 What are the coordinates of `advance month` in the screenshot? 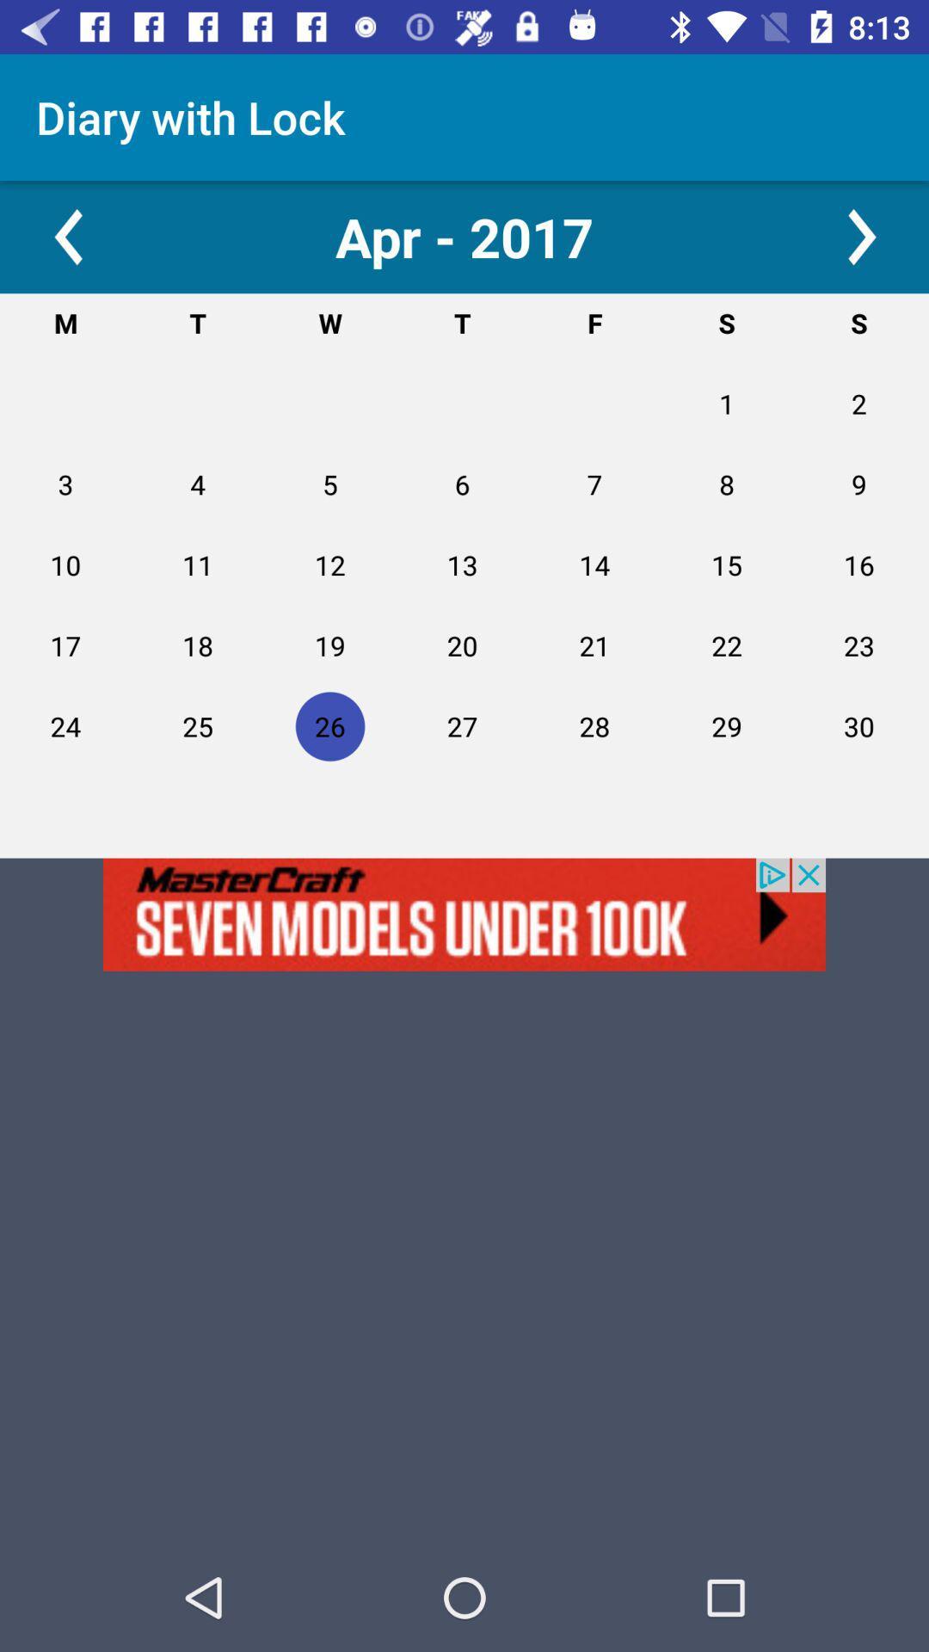 It's located at (861, 236).